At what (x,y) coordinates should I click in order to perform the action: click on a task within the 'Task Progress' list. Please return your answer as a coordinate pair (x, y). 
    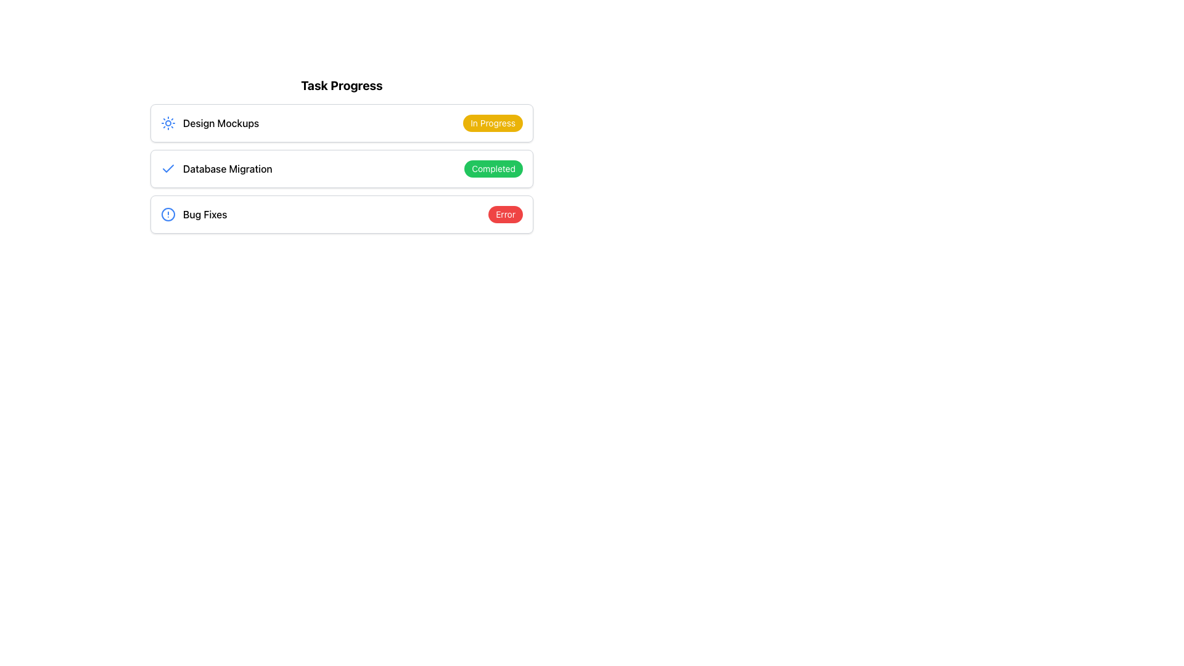
    Looking at the image, I should click on (342, 154).